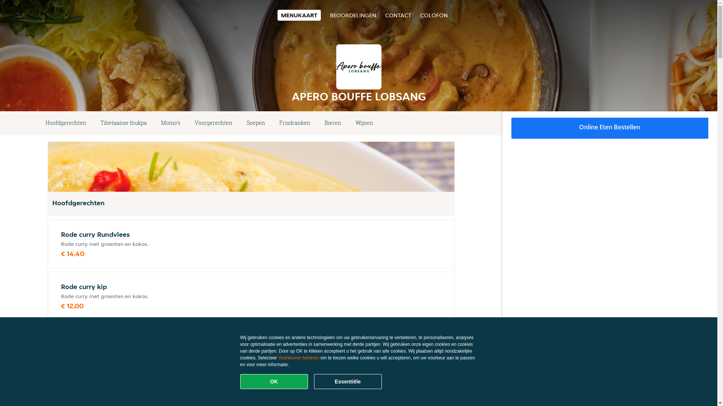 The width and height of the screenshot is (723, 406). I want to click on 'Bieren', so click(332, 123).